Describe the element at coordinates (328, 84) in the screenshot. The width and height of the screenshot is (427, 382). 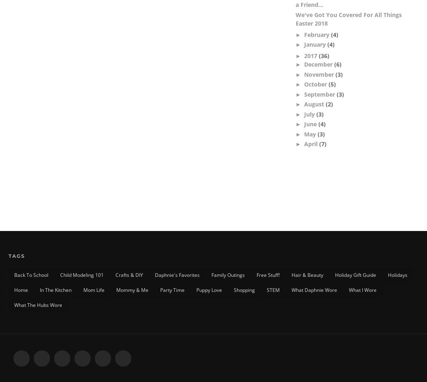
I see `'(5)'` at that location.